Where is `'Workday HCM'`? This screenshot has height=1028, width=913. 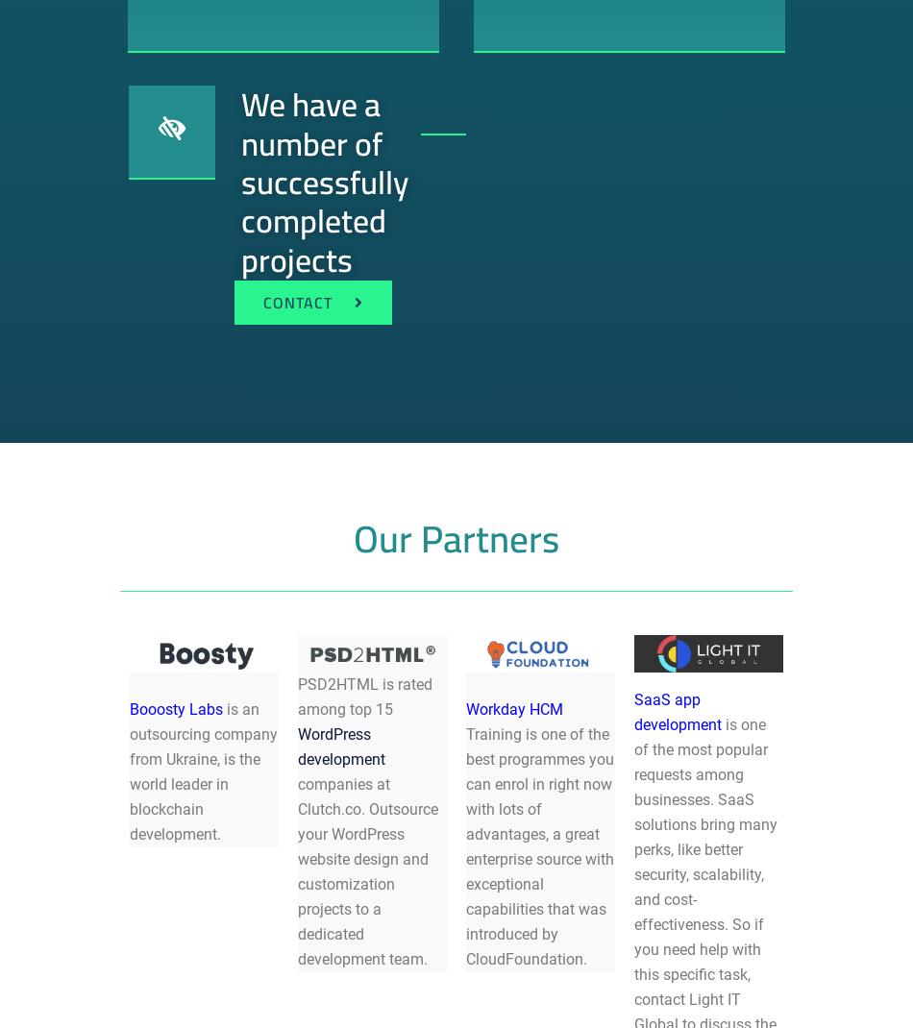
'Workday HCM' is located at coordinates (514, 707).